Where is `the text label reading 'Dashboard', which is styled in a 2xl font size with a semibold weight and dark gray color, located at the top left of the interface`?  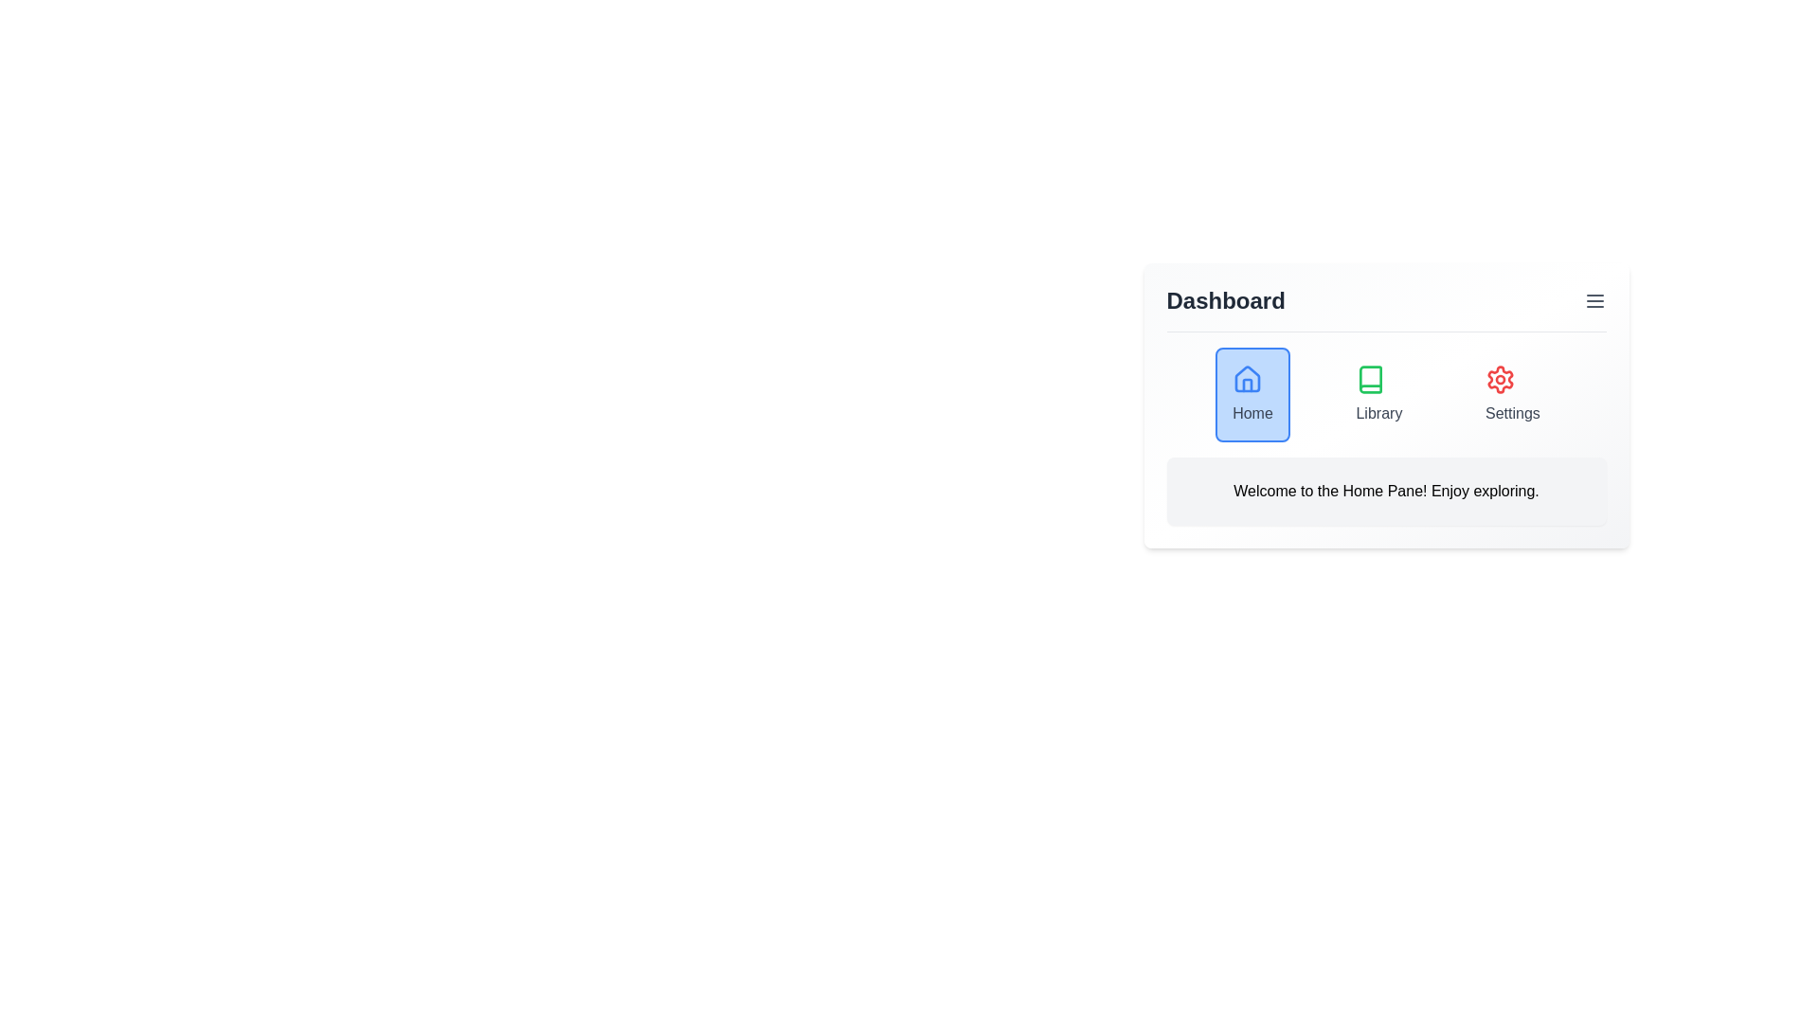
the text label reading 'Dashboard', which is styled in a 2xl font size with a semibold weight and dark gray color, located at the top left of the interface is located at coordinates (1226, 299).